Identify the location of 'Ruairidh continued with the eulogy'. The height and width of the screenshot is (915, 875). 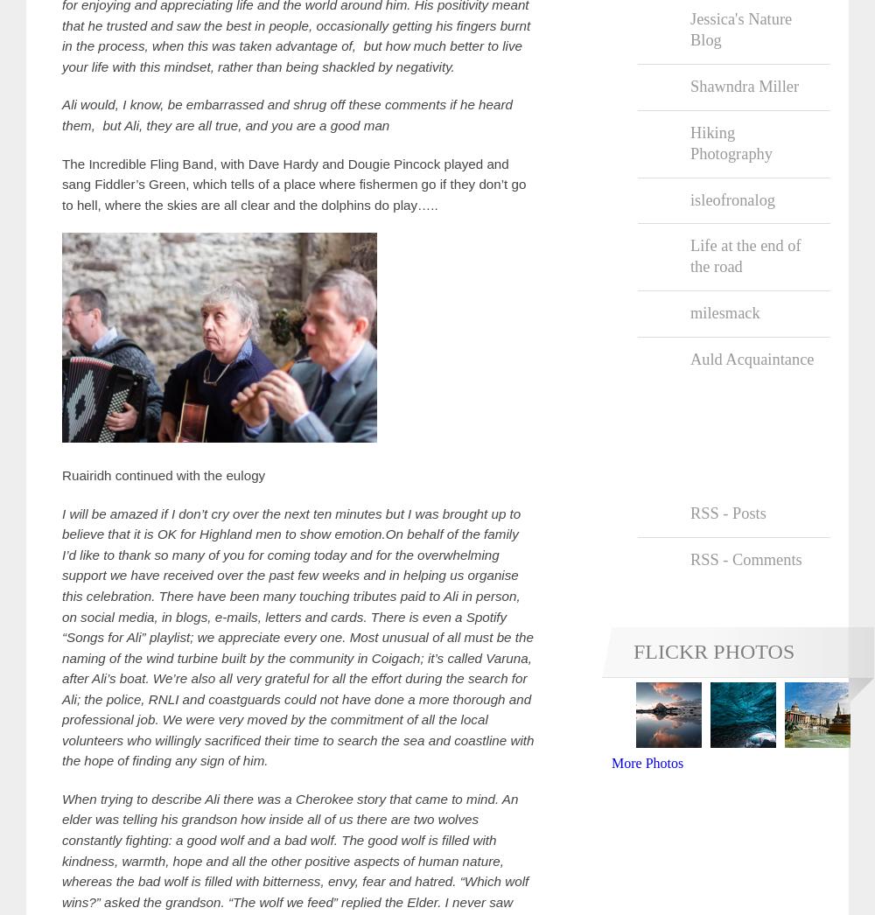
(164, 474).